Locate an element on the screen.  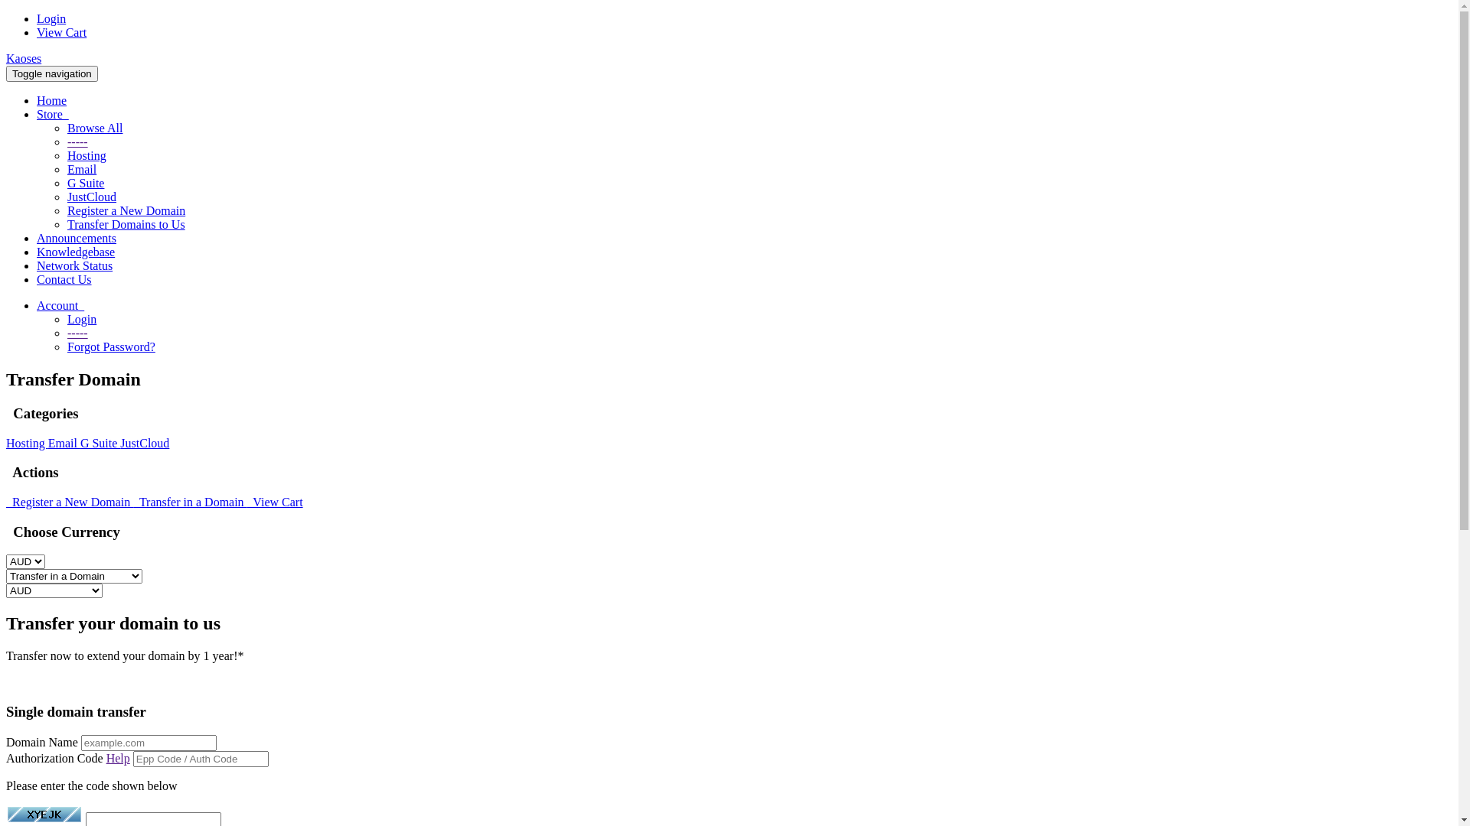
'Login' is located at coordinates (37, 18).